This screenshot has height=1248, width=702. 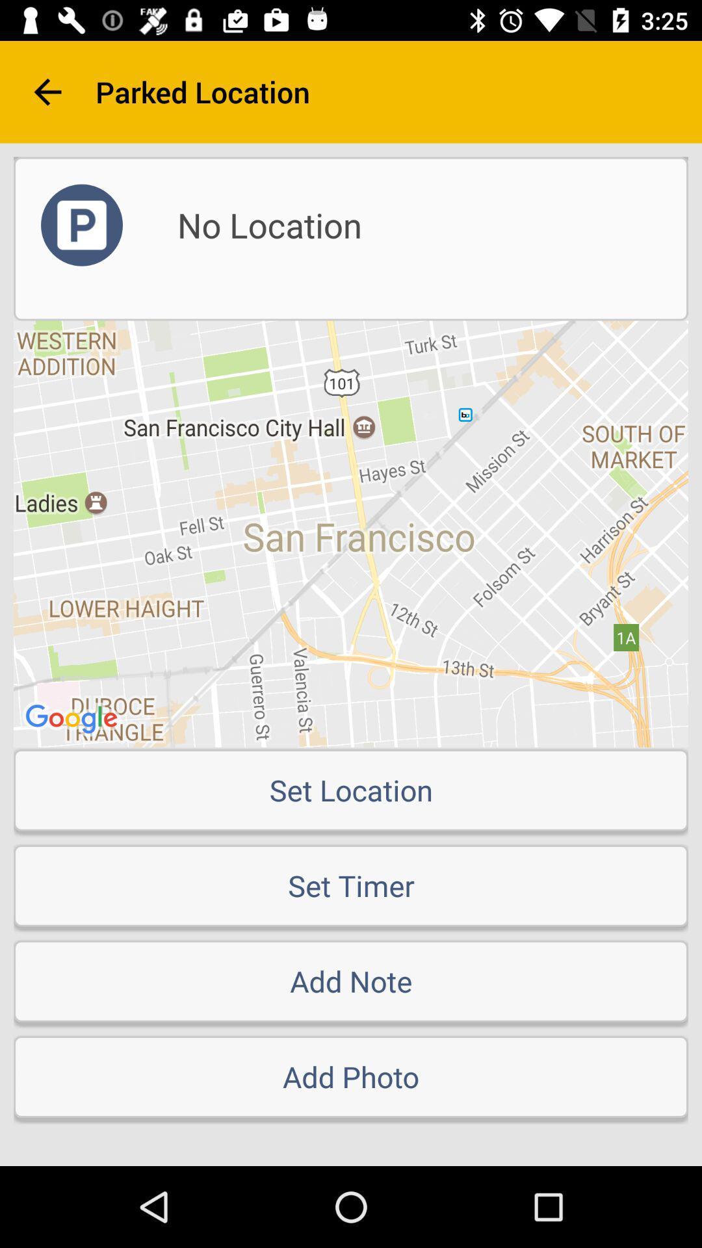 I want to click on item below add note icon, so click(x=351, y=1076).